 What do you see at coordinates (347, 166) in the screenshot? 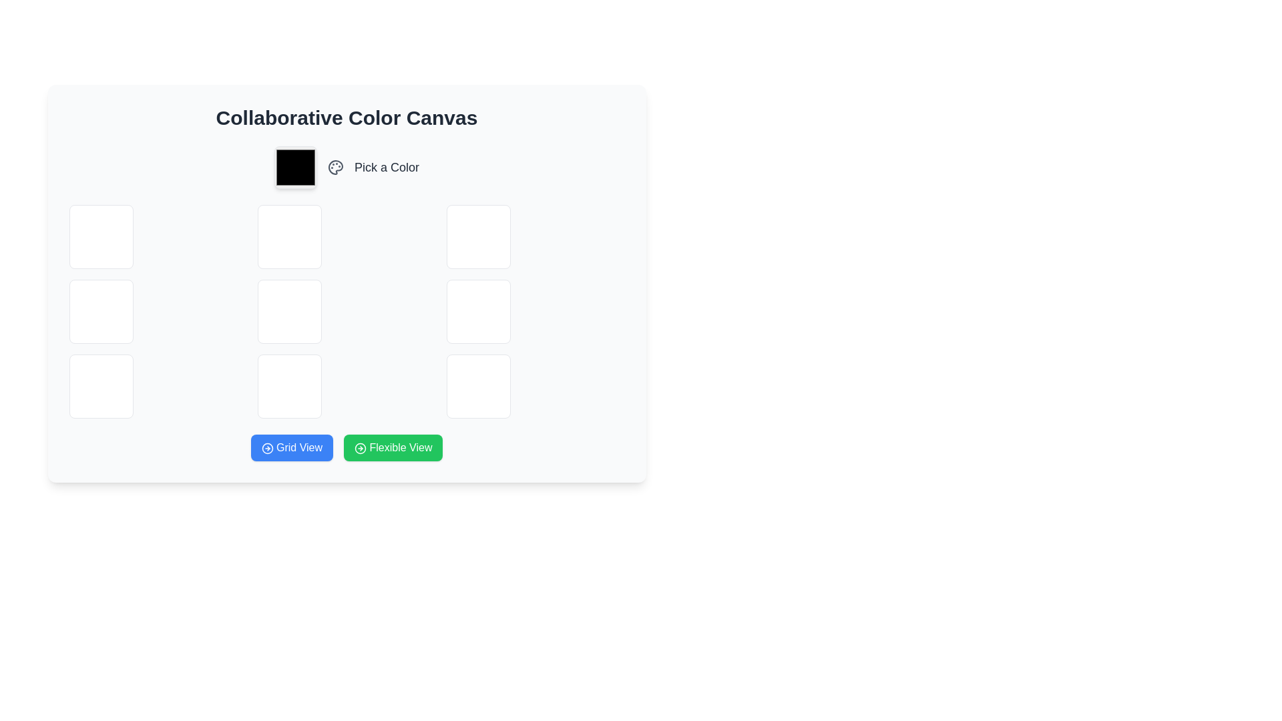
I see `the color palette icon next to the 'Pick a Color' label to open the color palette` at bounding box center [347, 166].